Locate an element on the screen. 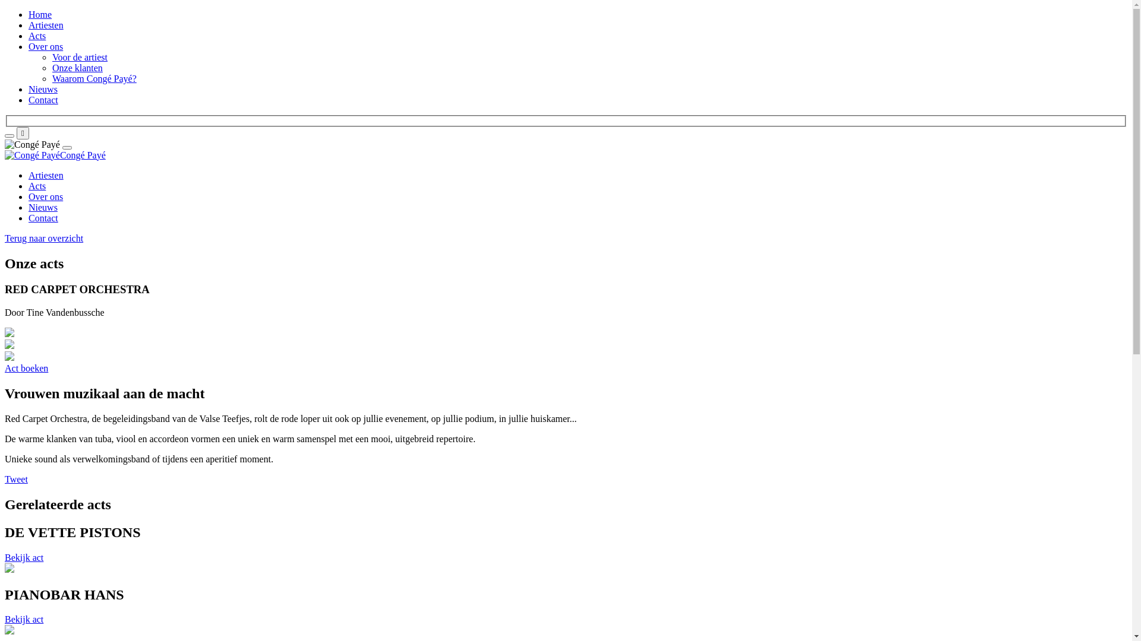 This screenshot has height=641, width=1141. 'Bekijk act' is located at coordinates (24, 618).